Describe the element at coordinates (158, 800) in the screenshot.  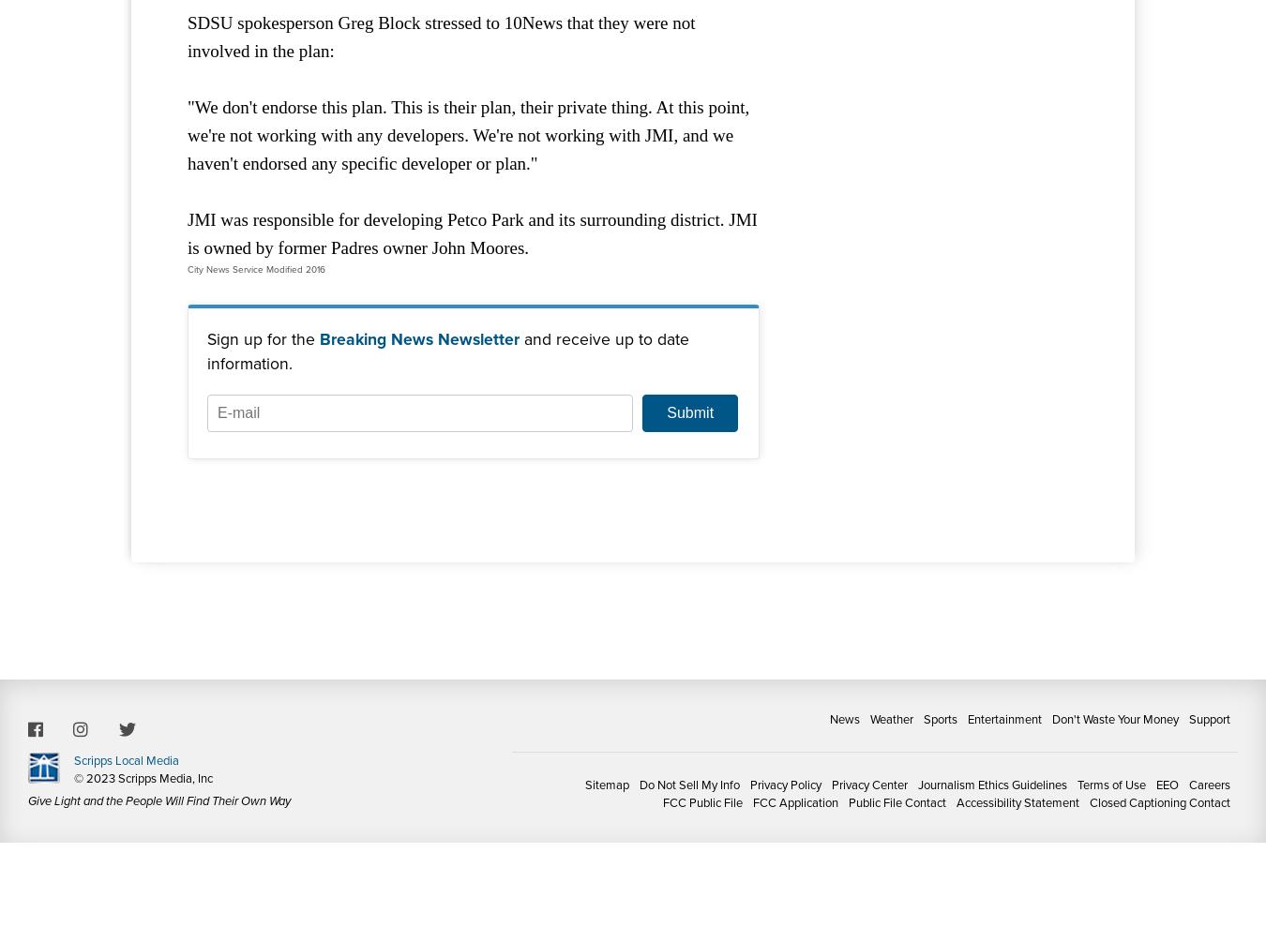
I see `'Give Light and the People Will Find Their Own Way'` at that location.